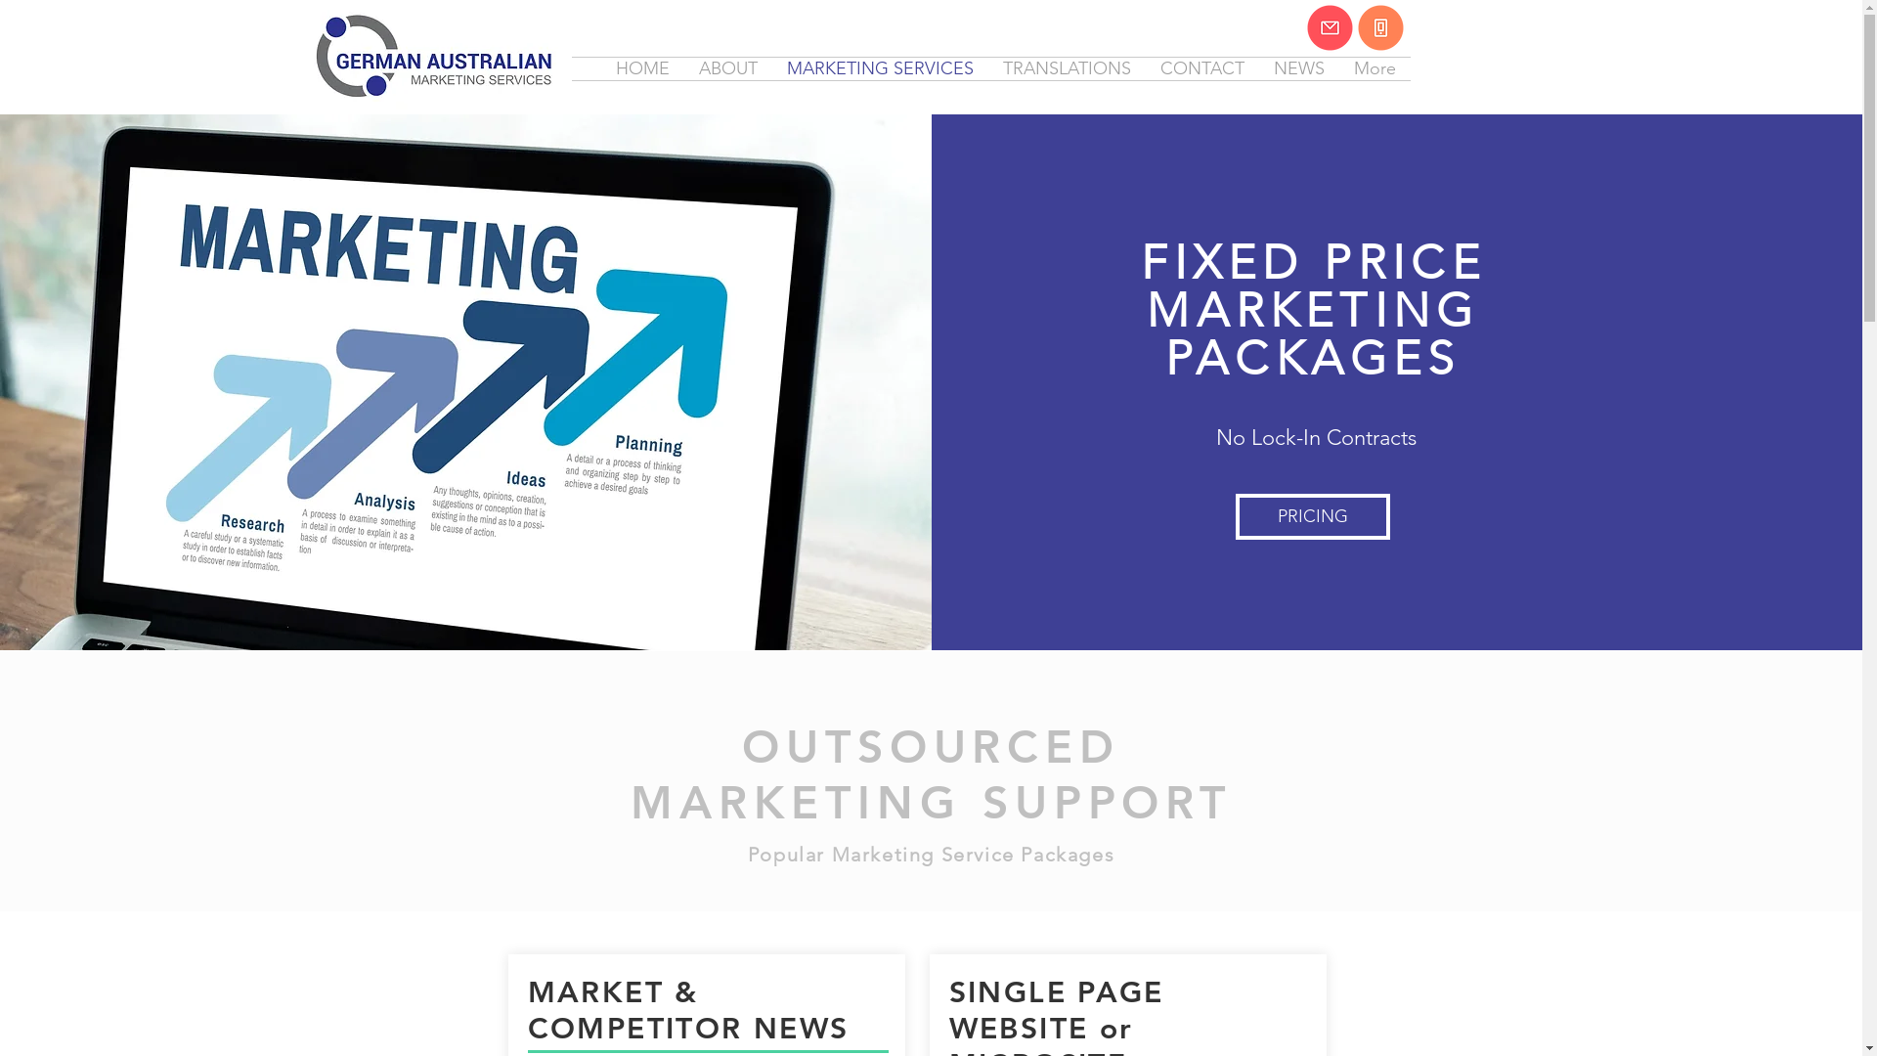 This screenshot has height=1056, width=1877. Describe the element at coordinates (1234, 515) in the screenshot. I see `'PRICING'` at that location.